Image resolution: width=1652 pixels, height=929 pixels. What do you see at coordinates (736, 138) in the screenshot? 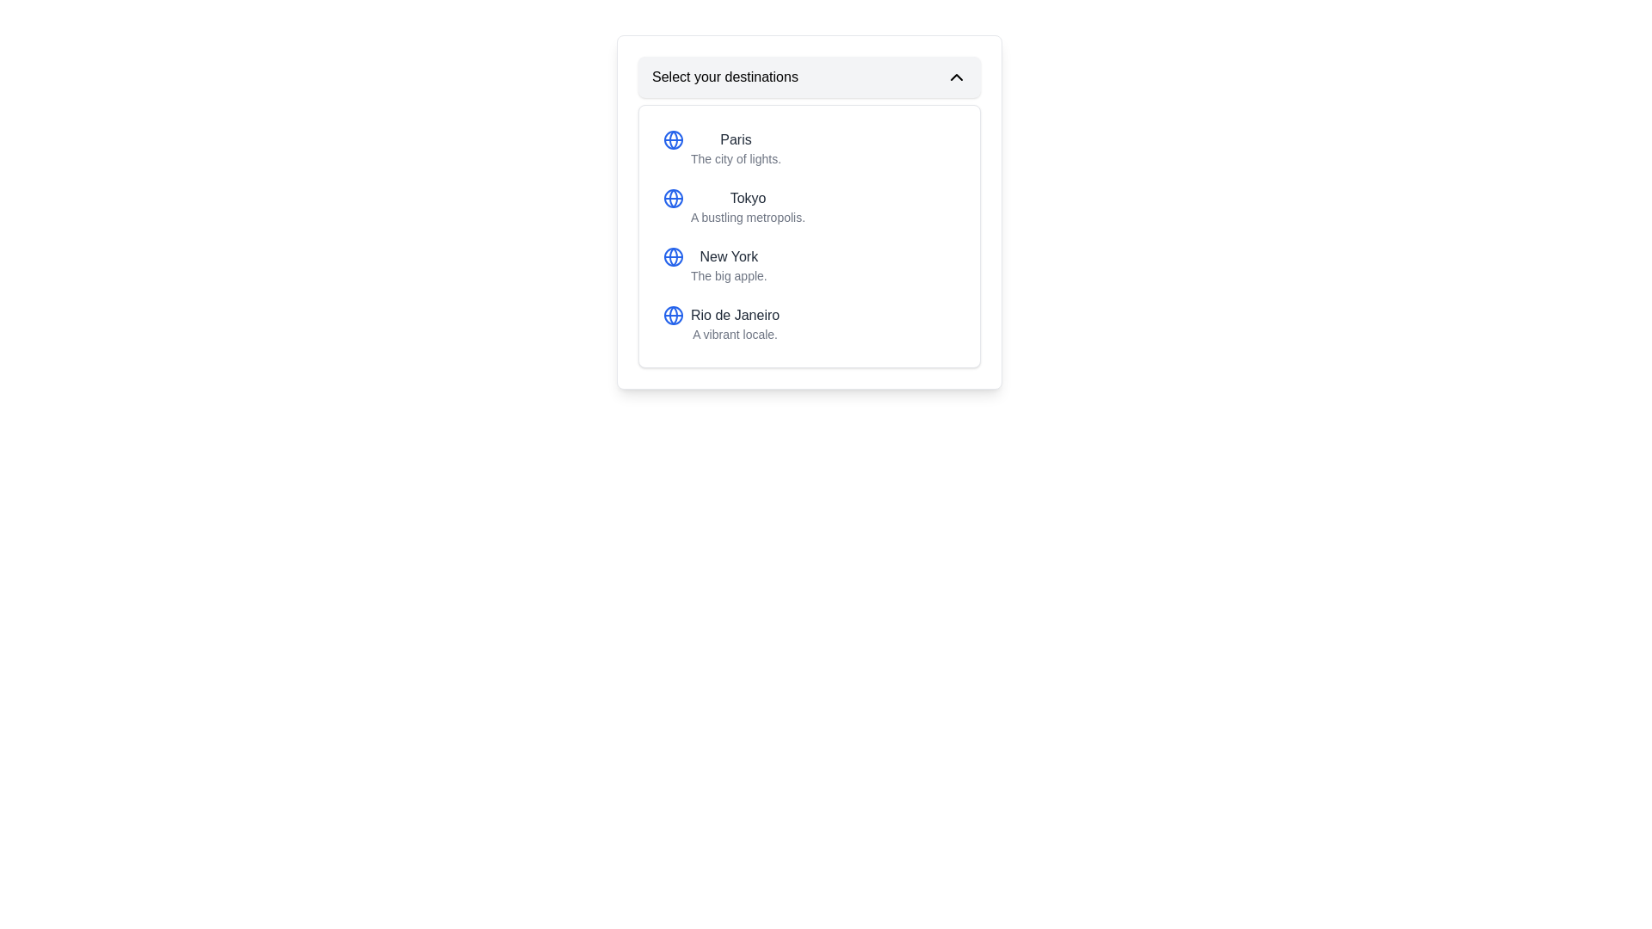
I see `the text label 'Paris'` at bounding box center [736, 138].